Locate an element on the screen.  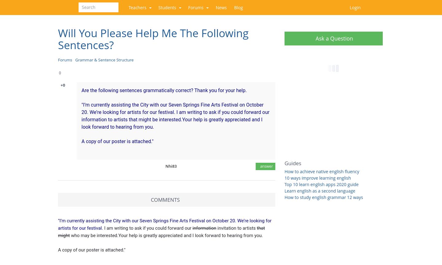
'I am writing to ask if you could forward our information to artists that might be interested.Your help is greatly appreciated and I look forward to hearing from you.' is located at coordinates (175, 119).